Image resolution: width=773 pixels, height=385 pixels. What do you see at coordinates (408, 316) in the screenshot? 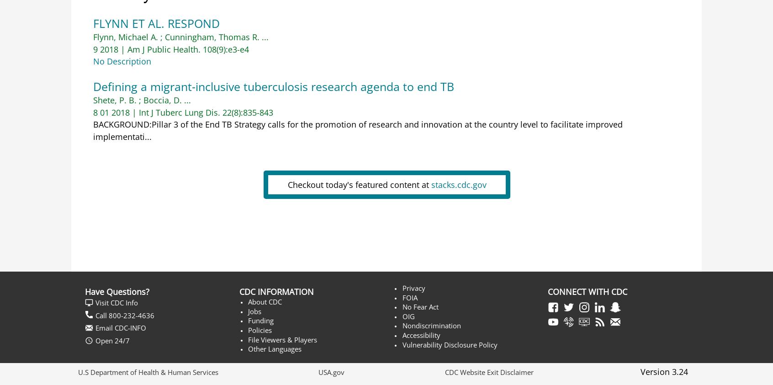
I see `'OIG'` at bounding box center [408, 316].